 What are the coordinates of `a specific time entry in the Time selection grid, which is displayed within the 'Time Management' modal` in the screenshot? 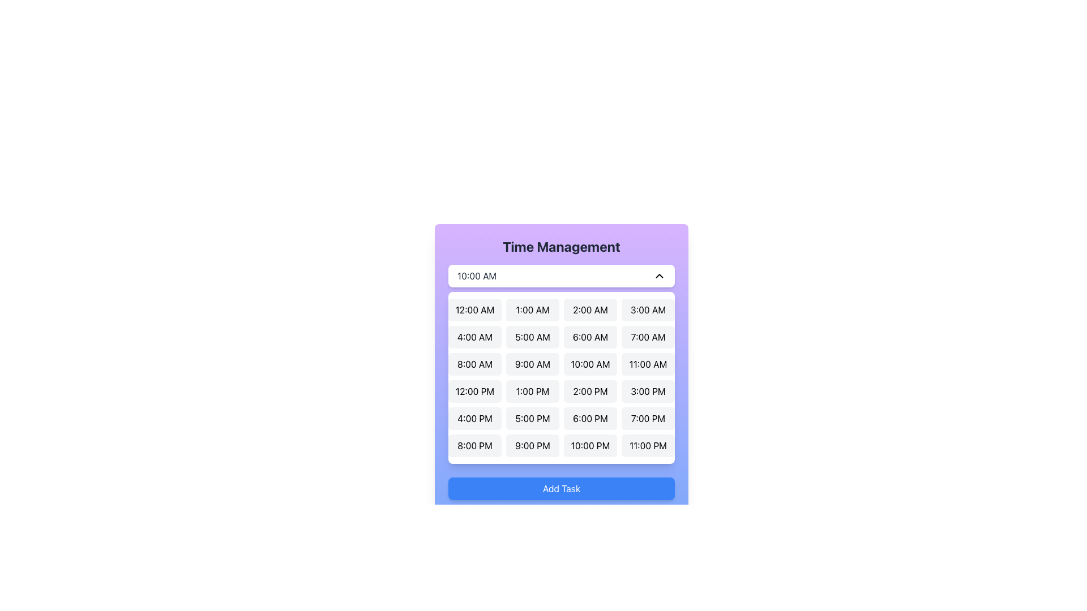 It's located at (562, 364).